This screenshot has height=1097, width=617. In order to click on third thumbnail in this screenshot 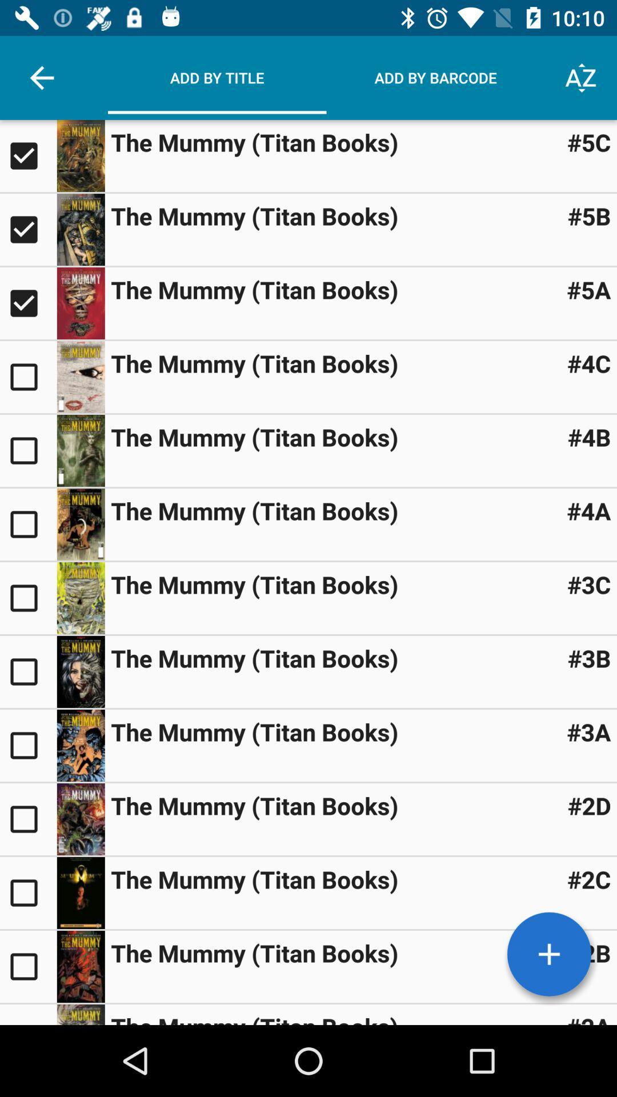, I will do `click(27, 303)`.